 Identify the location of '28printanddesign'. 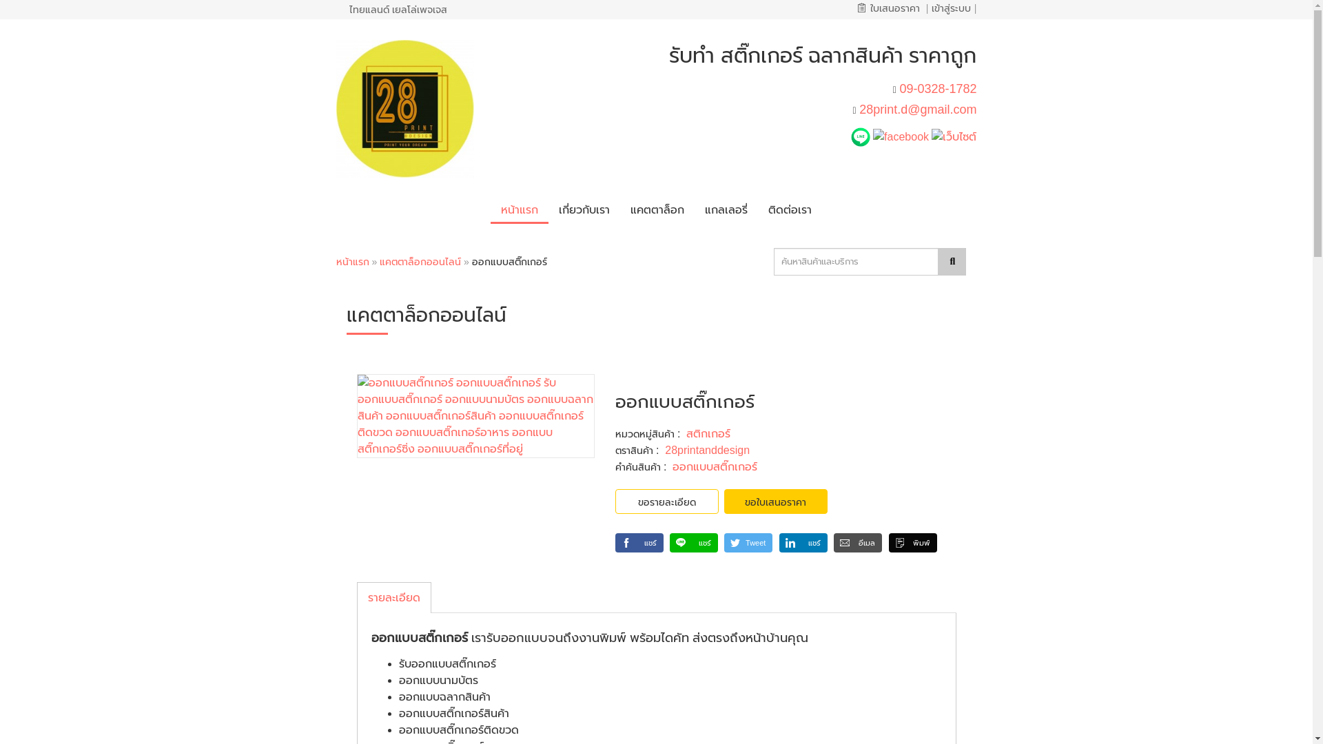
(664, 450).